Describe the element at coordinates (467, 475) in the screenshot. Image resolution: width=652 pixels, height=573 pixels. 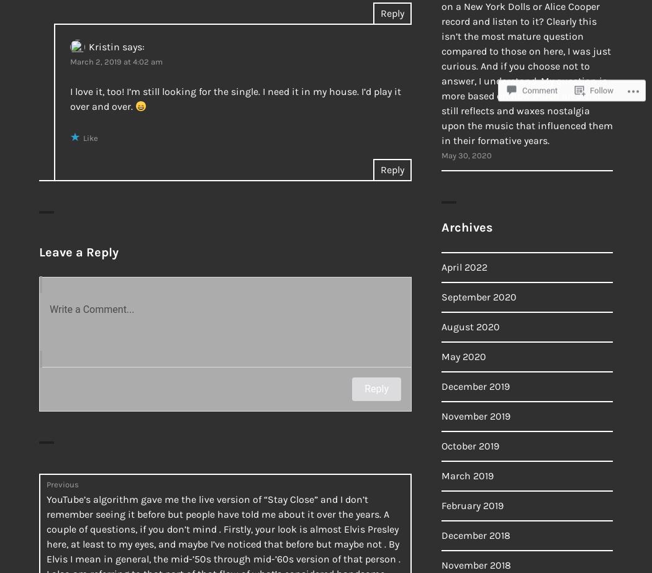
I see `'March 2019'` at that location.